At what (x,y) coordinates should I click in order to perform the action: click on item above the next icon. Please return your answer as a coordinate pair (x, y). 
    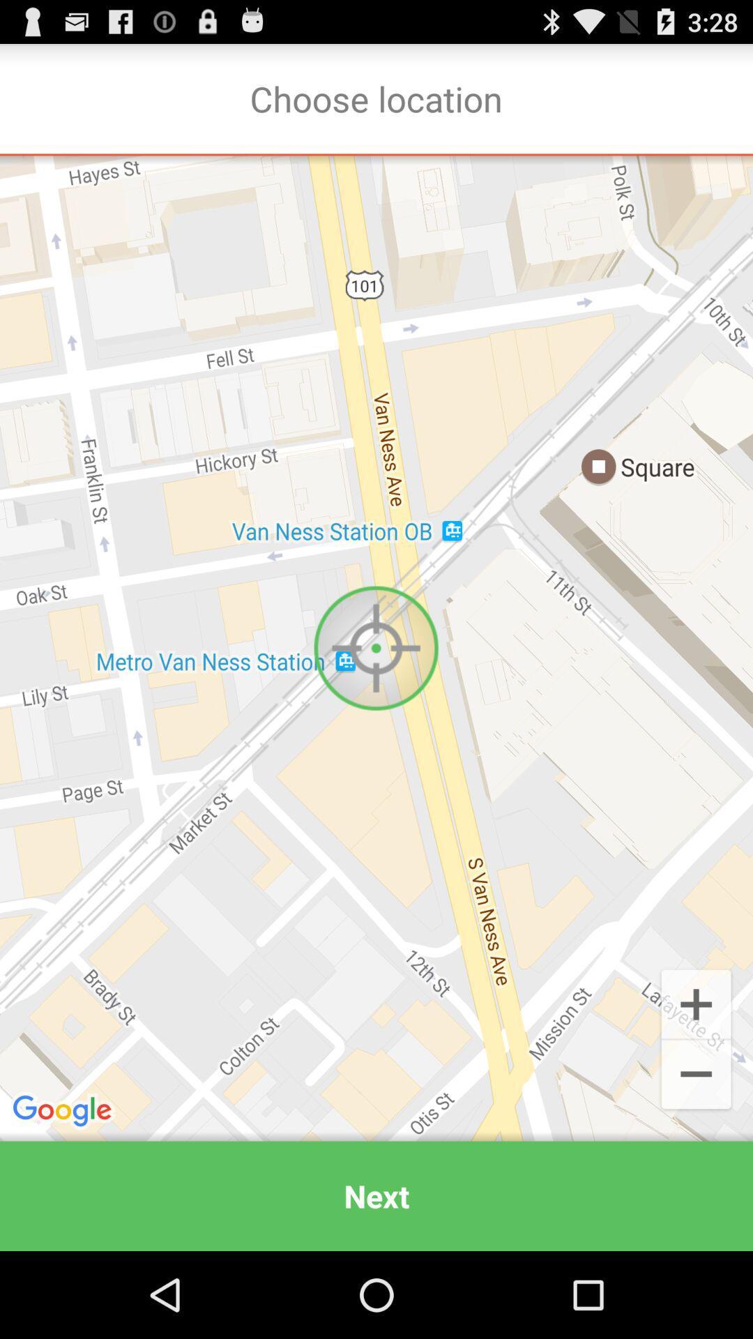
    Looking at the image, I should click on (376, 648).